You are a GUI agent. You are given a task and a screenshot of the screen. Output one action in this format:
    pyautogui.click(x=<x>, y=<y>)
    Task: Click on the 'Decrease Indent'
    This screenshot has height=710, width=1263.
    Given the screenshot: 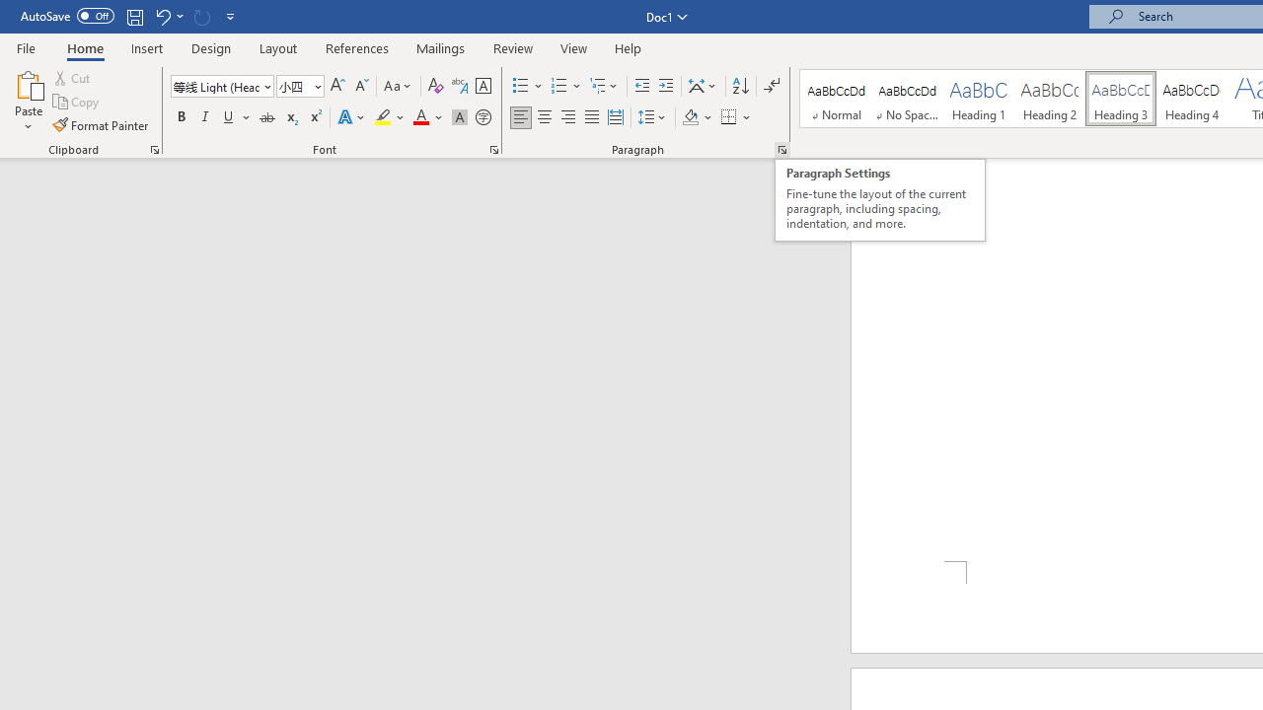 What is the action you would take?
    pyautogui.click(x=641, y=85)
    